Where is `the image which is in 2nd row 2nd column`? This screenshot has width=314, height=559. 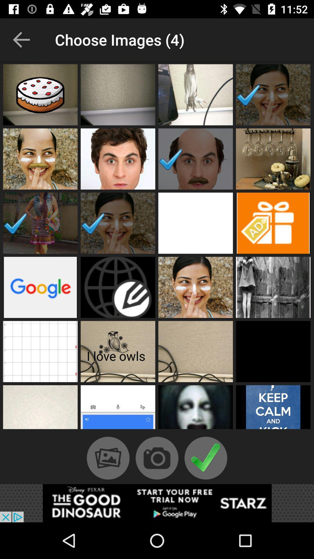
the image which is in 2nd row 2nd column is located at coordinates (118, 159).